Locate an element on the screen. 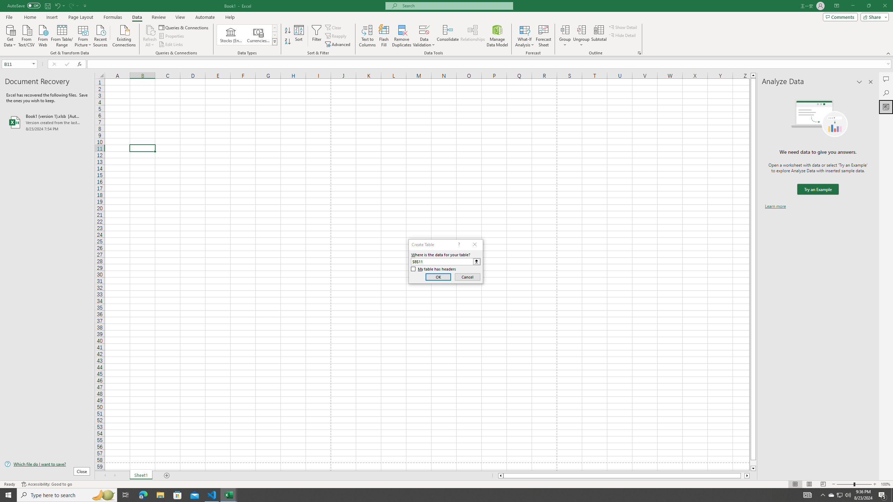 This screenshot has height=502, width=893. 'Data Types' is located at coordinates (275, 41).